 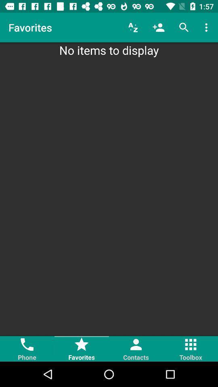 What do you see at coordinates (136, 348) in the screenshot?
I see `contacts icon` at bounding box center [136, 348].